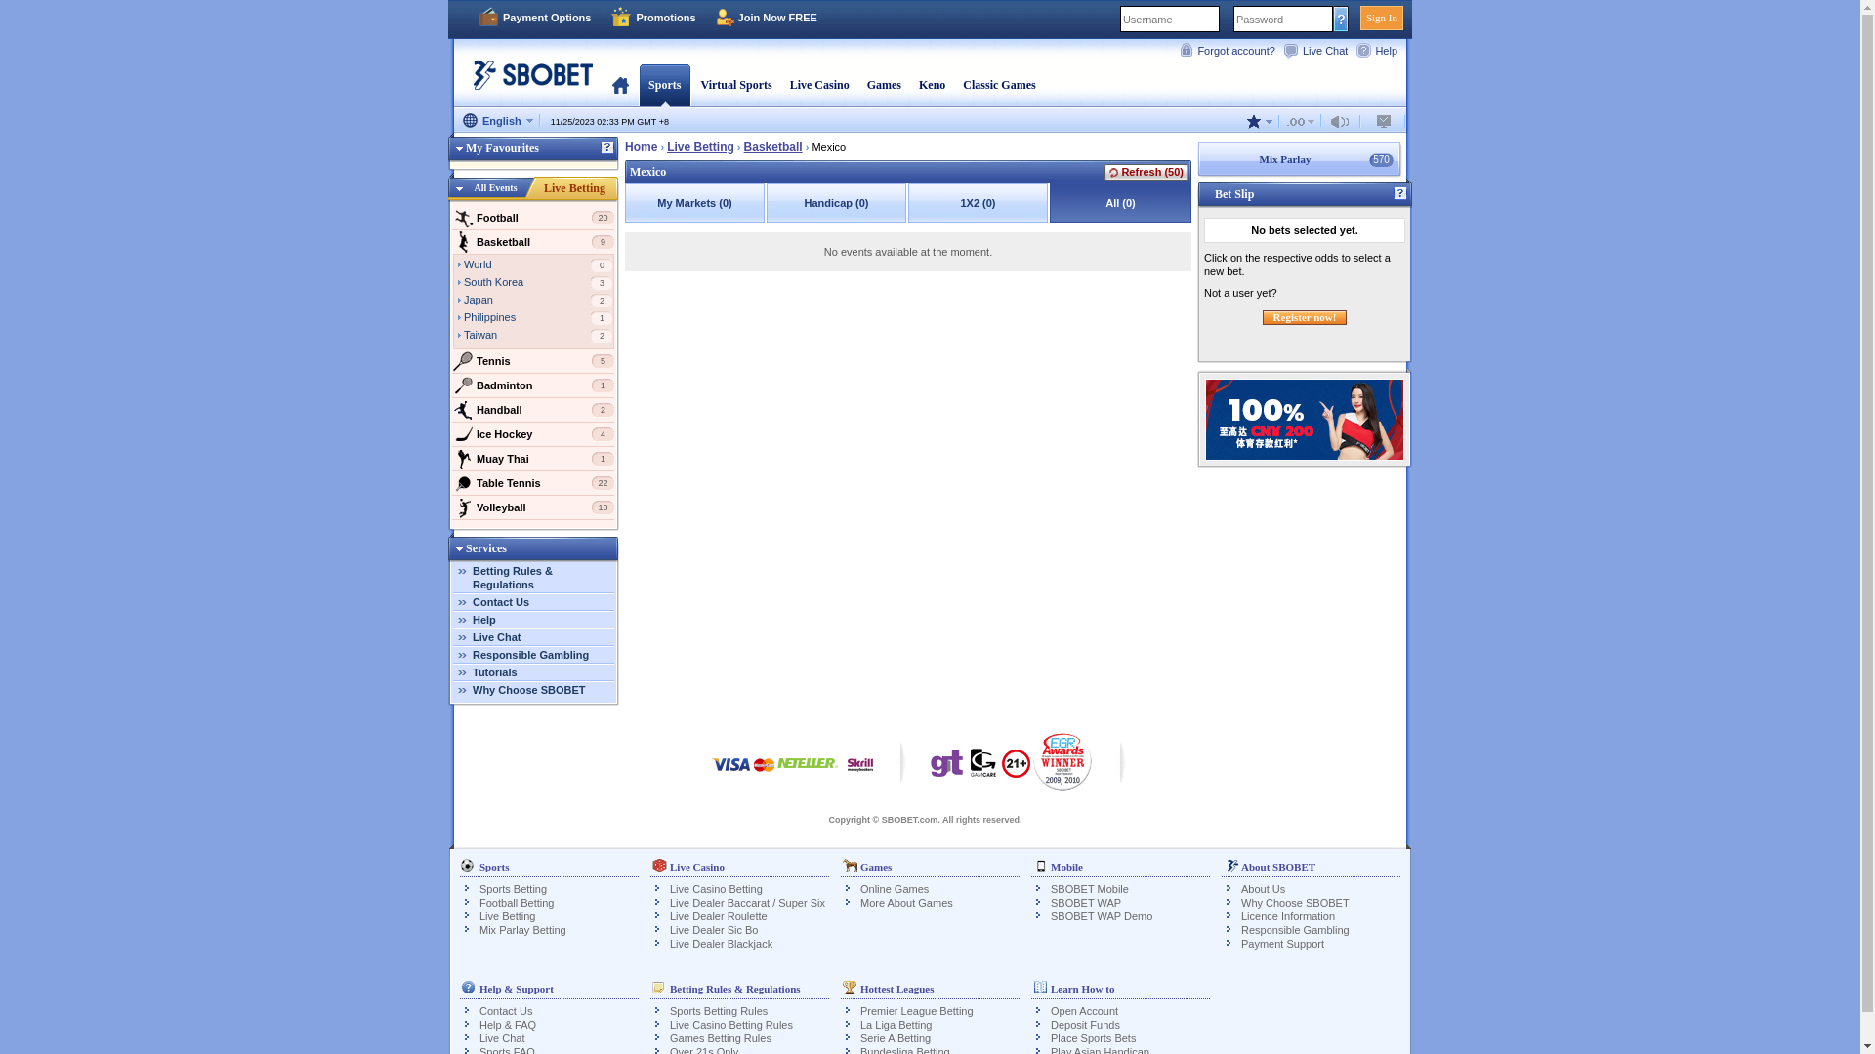 This screenshot has height=1054, width=1875. What do you see at coordinates (479, 1023) in the screenshot?
I see `'Help & FAQ'` at bounding box center [479, 1023].